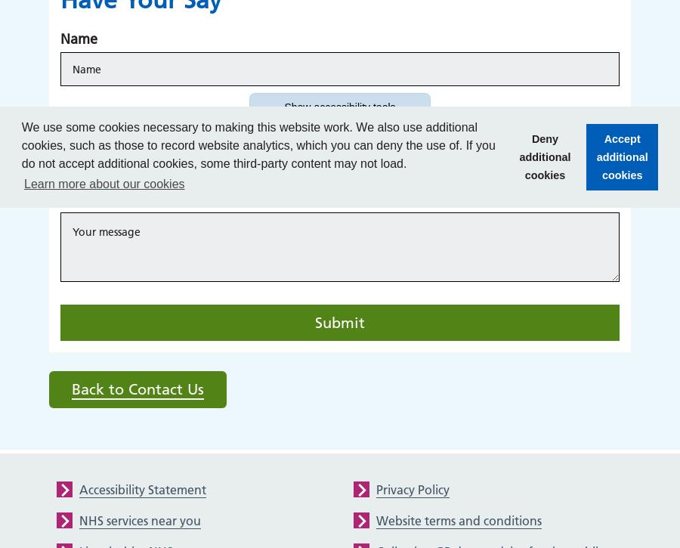  I want to click on 'We use some cookies necessary to making this website work. We also use additional cookies, such as those to record website analytics, which you can deny the use of. If you do not accept additional cookies, some third-party content may not load.', so click(20, 144).